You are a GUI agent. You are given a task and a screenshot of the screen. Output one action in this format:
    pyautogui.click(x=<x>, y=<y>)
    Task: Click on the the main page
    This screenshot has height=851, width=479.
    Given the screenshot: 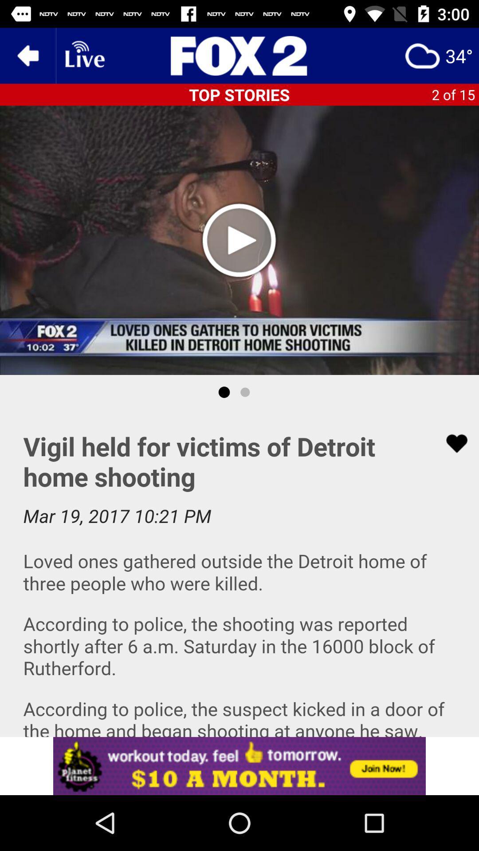 What is the action you would take?
    pyautogui.click(x=239, y=55)
    